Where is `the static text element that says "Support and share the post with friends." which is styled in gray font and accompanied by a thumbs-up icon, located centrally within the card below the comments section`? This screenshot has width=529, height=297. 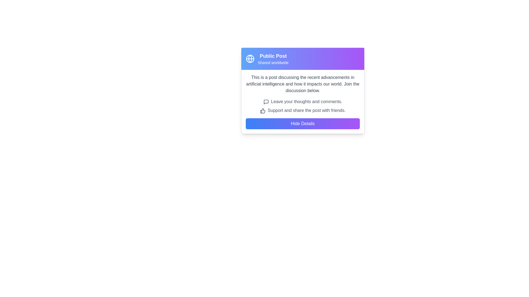 the static text element that says "Support and share the post with friends." which is styled in gray font and accompanied by a thumbs-up icon, located centrally within the card below the comments section is located at coordinates (303, 110).